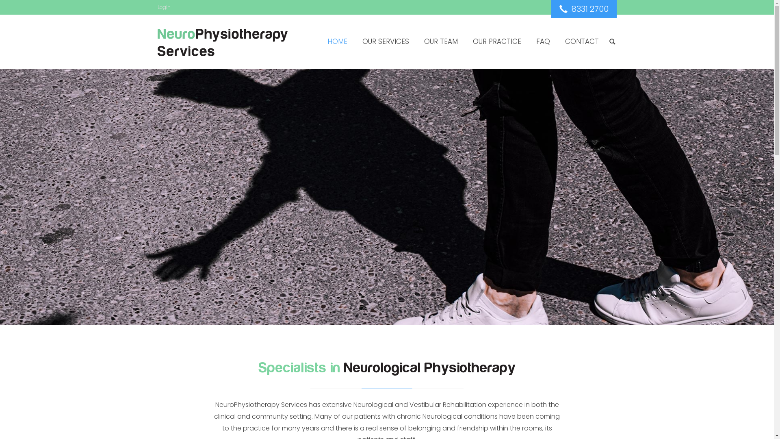 This screenshot has height=439, width=780. What do you see at coordinates (496, 41) in the screenshot?
I see `'OUR PRACTICE'` at bounding box center [496, 41].